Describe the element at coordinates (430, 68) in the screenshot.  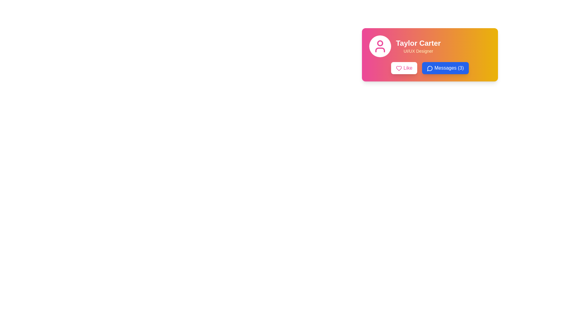
I see `the decorative messaging icon located to the left of the 'Messages (3)' label within the blue button at the lower-right of the card component for Taylor Carter` at that location.